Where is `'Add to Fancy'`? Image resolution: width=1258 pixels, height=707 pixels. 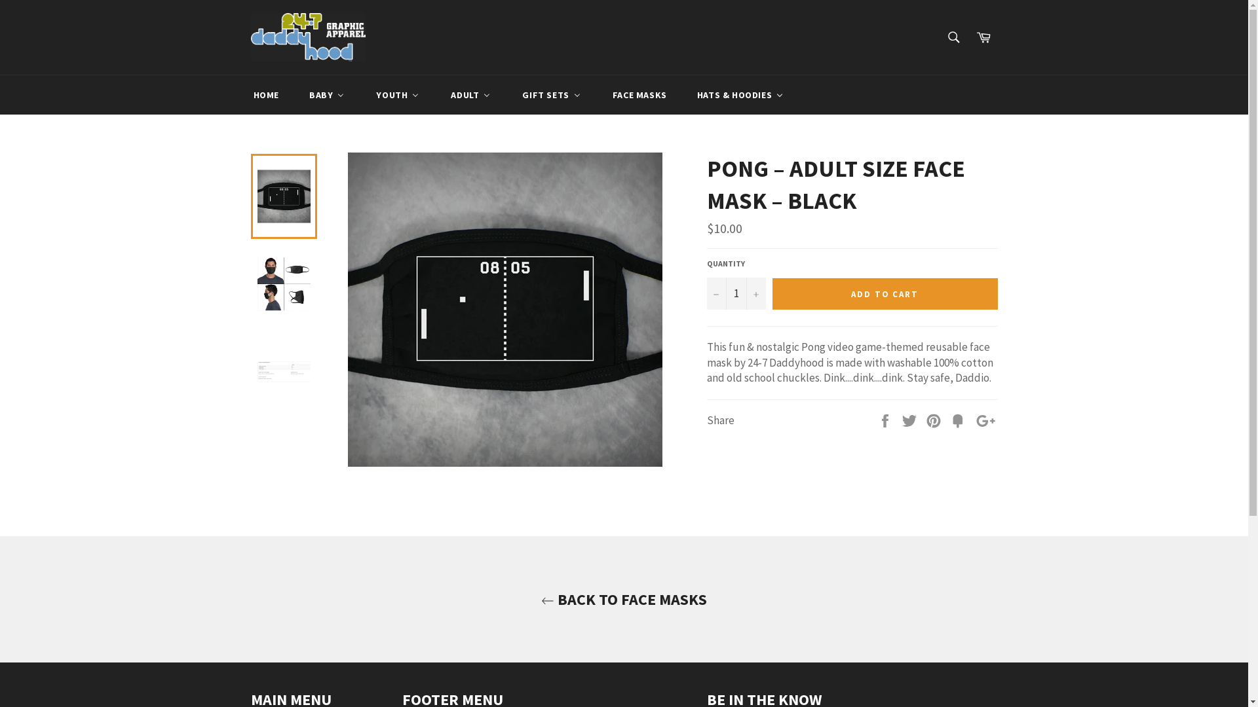 'Add to Fancy' is located at coordinates (959, 420).